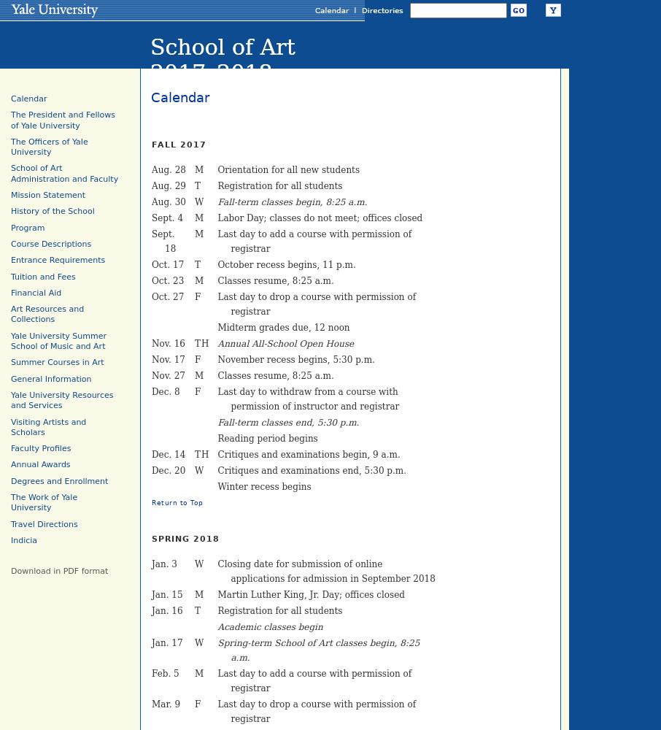 This screenshot has width=661, height=730. I want to click on 'Fall-term classes end, 5:30 p.m.', so click(287, 422).